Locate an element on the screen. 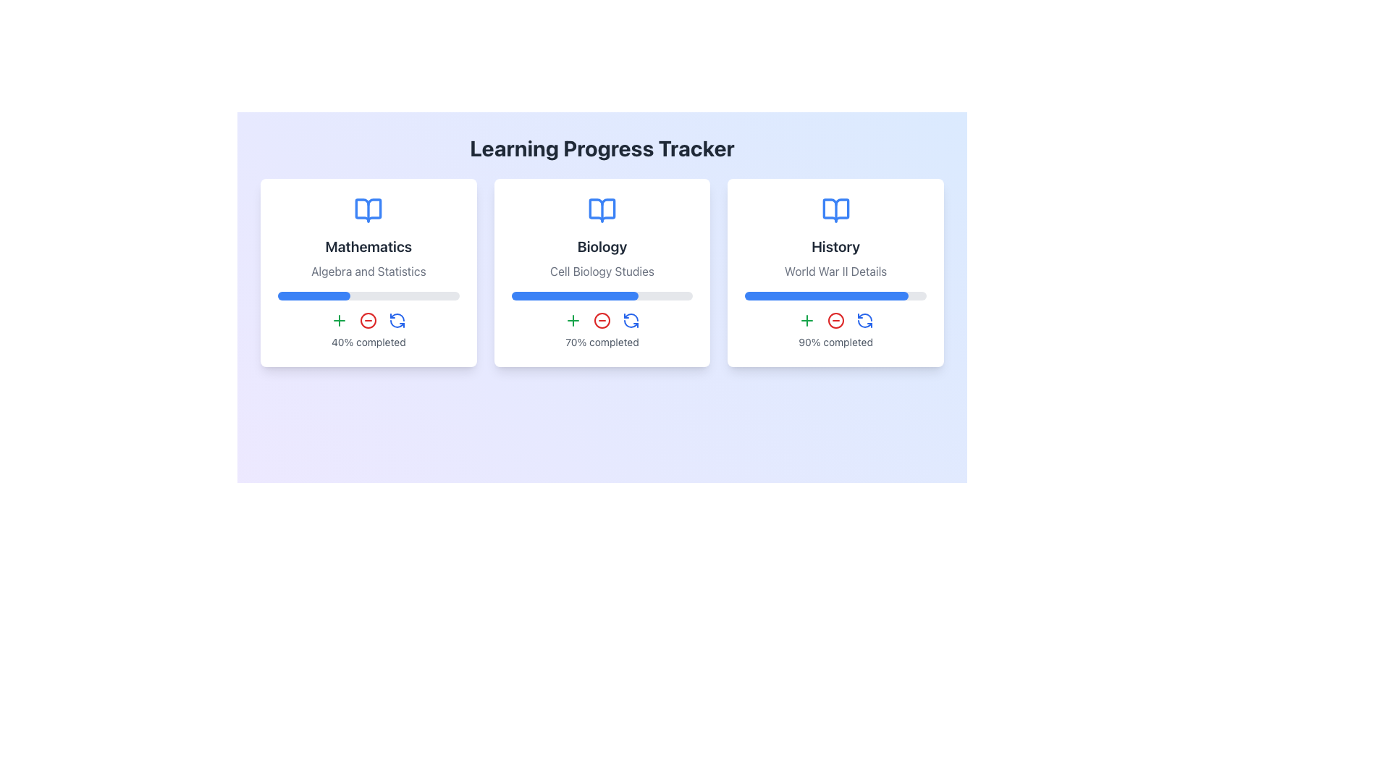 This screenshot has height=782, width=1390. displayed text on the first card in the grid that has a white background, rounded corners, a book icon at the top, titled 'Mathematics' with a subtitle 'Algebra and Statistics' is located at coordinates (368, 273).